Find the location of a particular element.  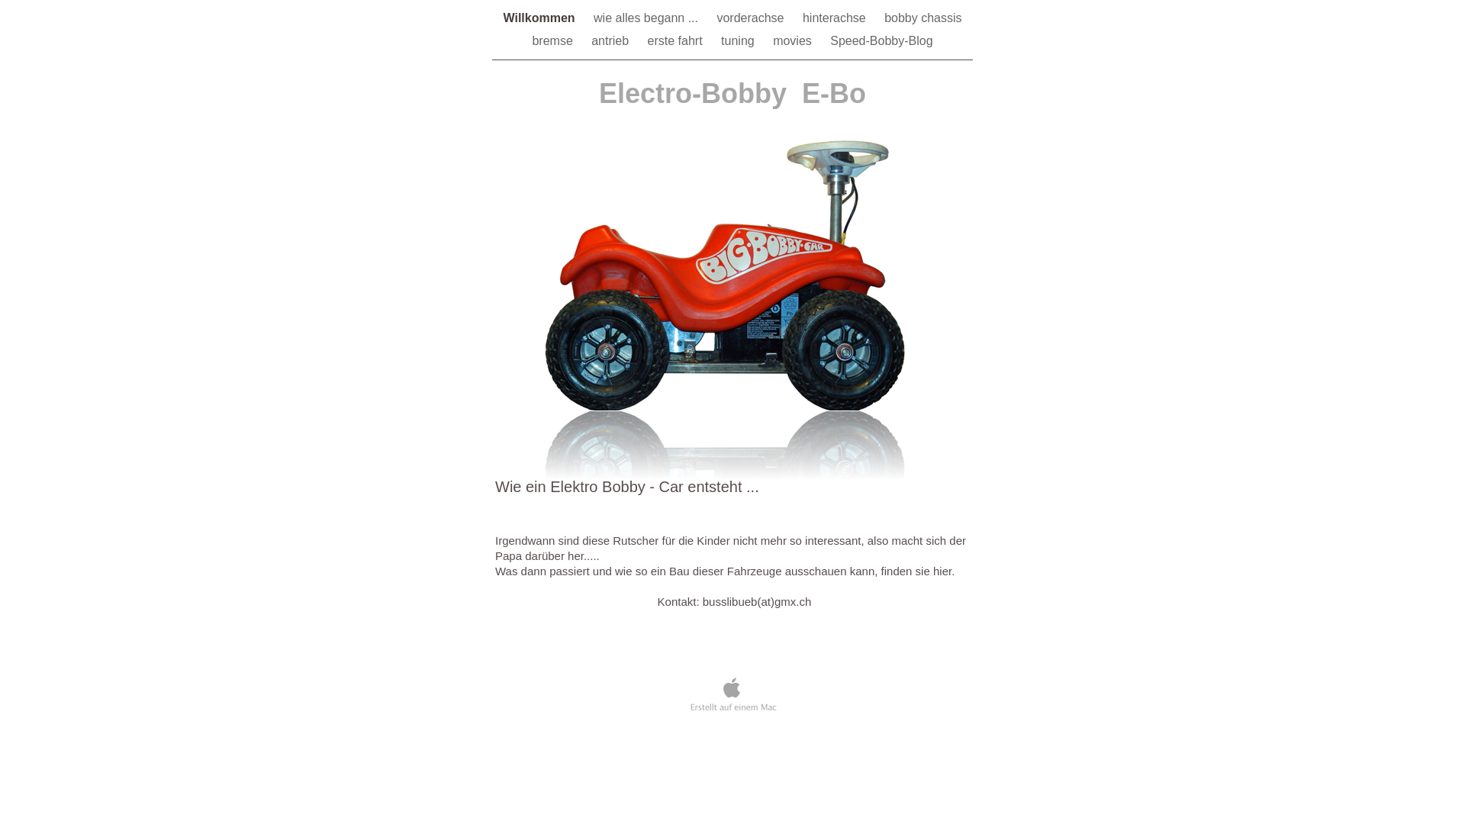

'tuning' is located at coordinates (720, 40).